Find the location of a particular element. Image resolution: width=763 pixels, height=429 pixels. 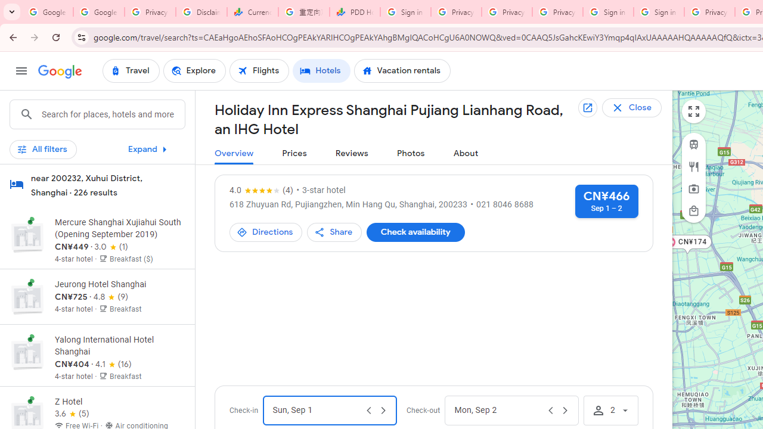

'Currencies - Google Finance' is located at coordinates (252, 12).